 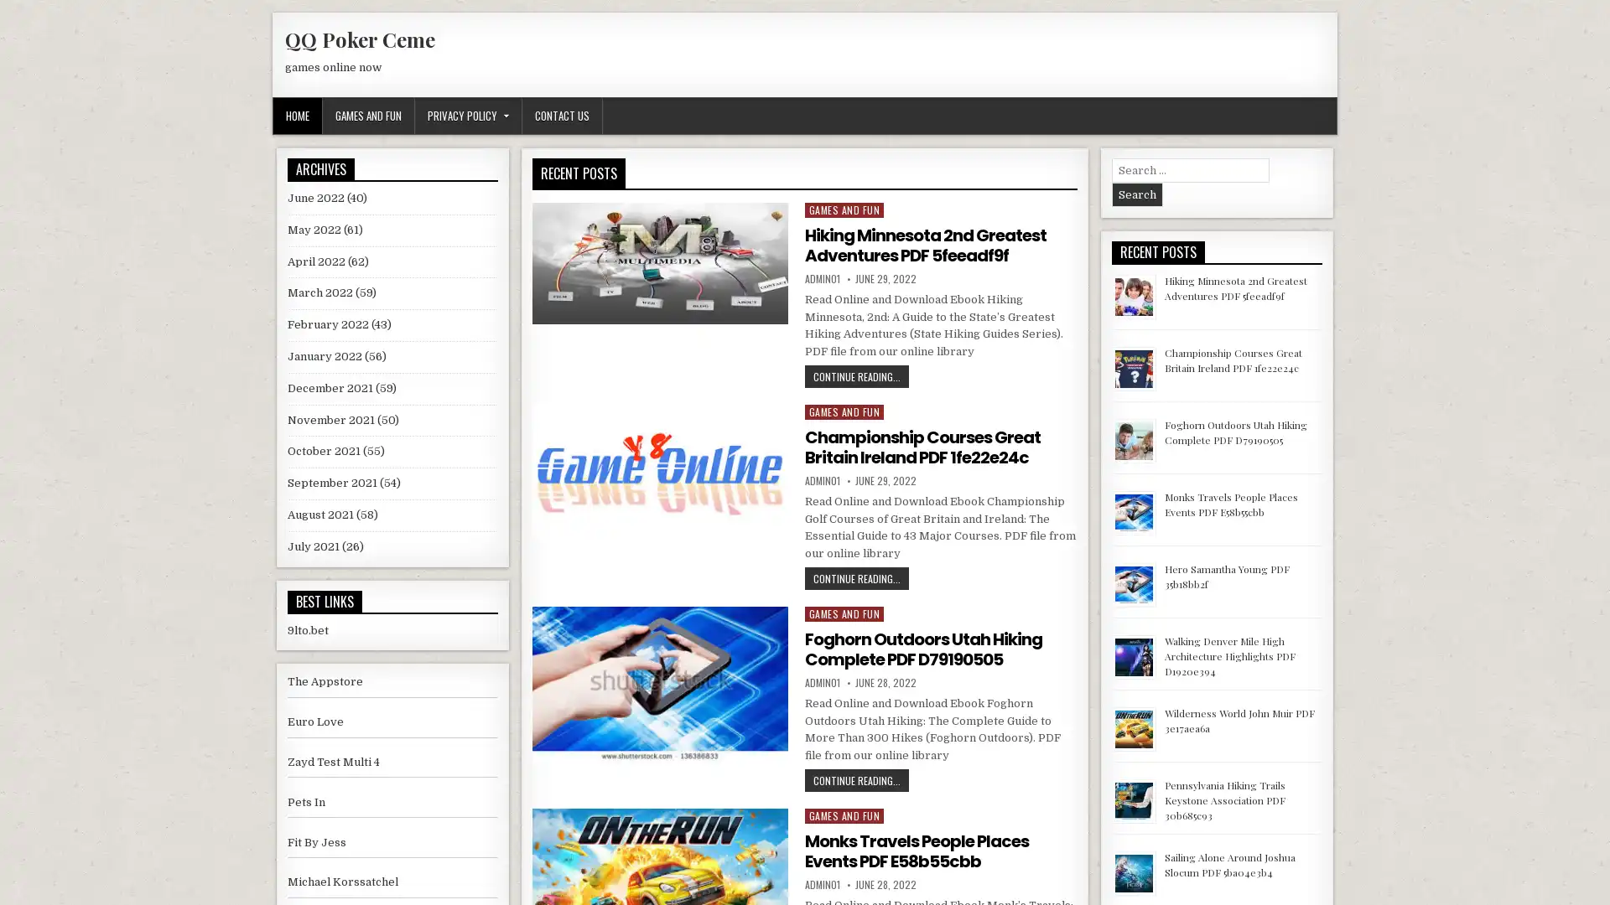 What do you see at coordinates (1136, 194) in the screenshot?
I see `Search` at bounding box center [1136, 194].